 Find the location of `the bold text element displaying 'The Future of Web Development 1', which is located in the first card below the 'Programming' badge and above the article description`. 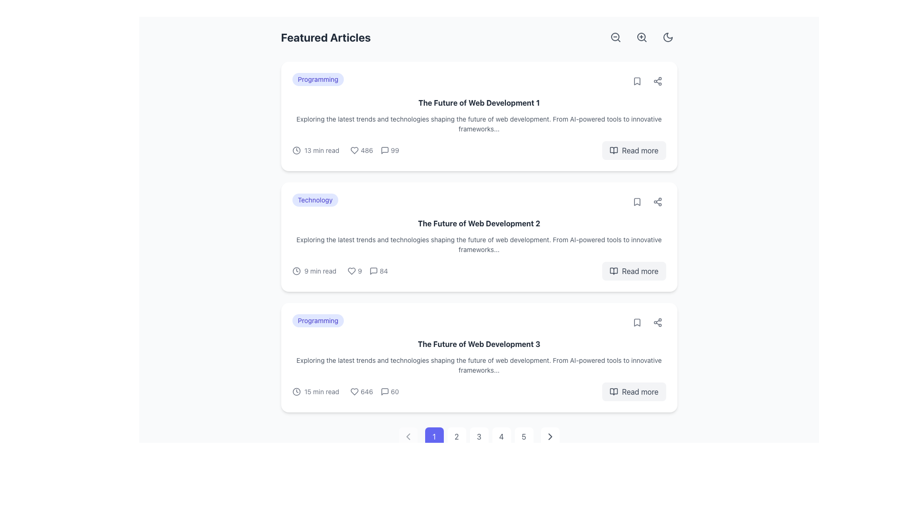

the bold text element displaying 'The Future of Web Development 1', which is located in the first card below the 'Programming' badge and above the article description is located at coordinates (479, 102).